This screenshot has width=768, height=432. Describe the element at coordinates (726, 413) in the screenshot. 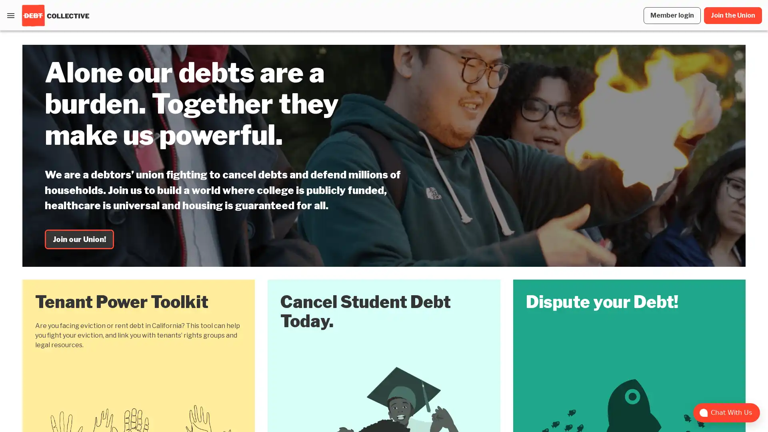

I see `bubble-icon Chat With Us` at that location.